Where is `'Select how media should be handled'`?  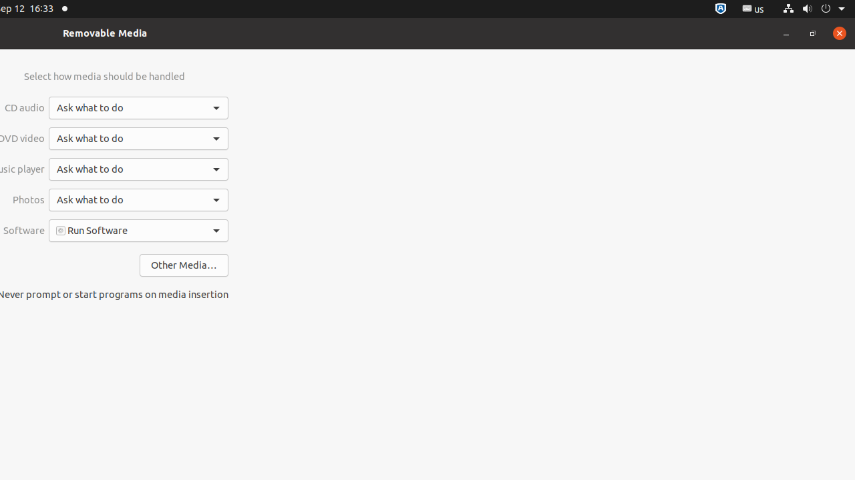 'Select how media should be handled' is located at coordinates (104, 76).